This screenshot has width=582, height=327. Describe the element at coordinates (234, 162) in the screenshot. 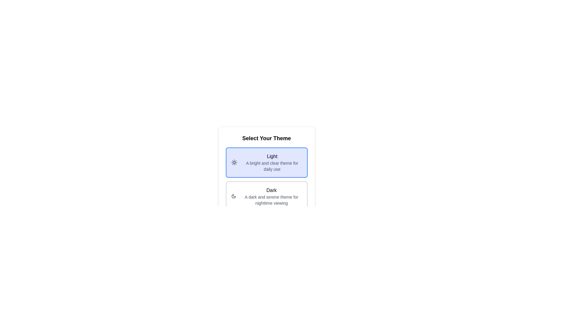

I see `the sun icon, which is a gray, stylized circle with radiating lines, located to the left of the 'Light' text in the upper card of the UI` at that location.